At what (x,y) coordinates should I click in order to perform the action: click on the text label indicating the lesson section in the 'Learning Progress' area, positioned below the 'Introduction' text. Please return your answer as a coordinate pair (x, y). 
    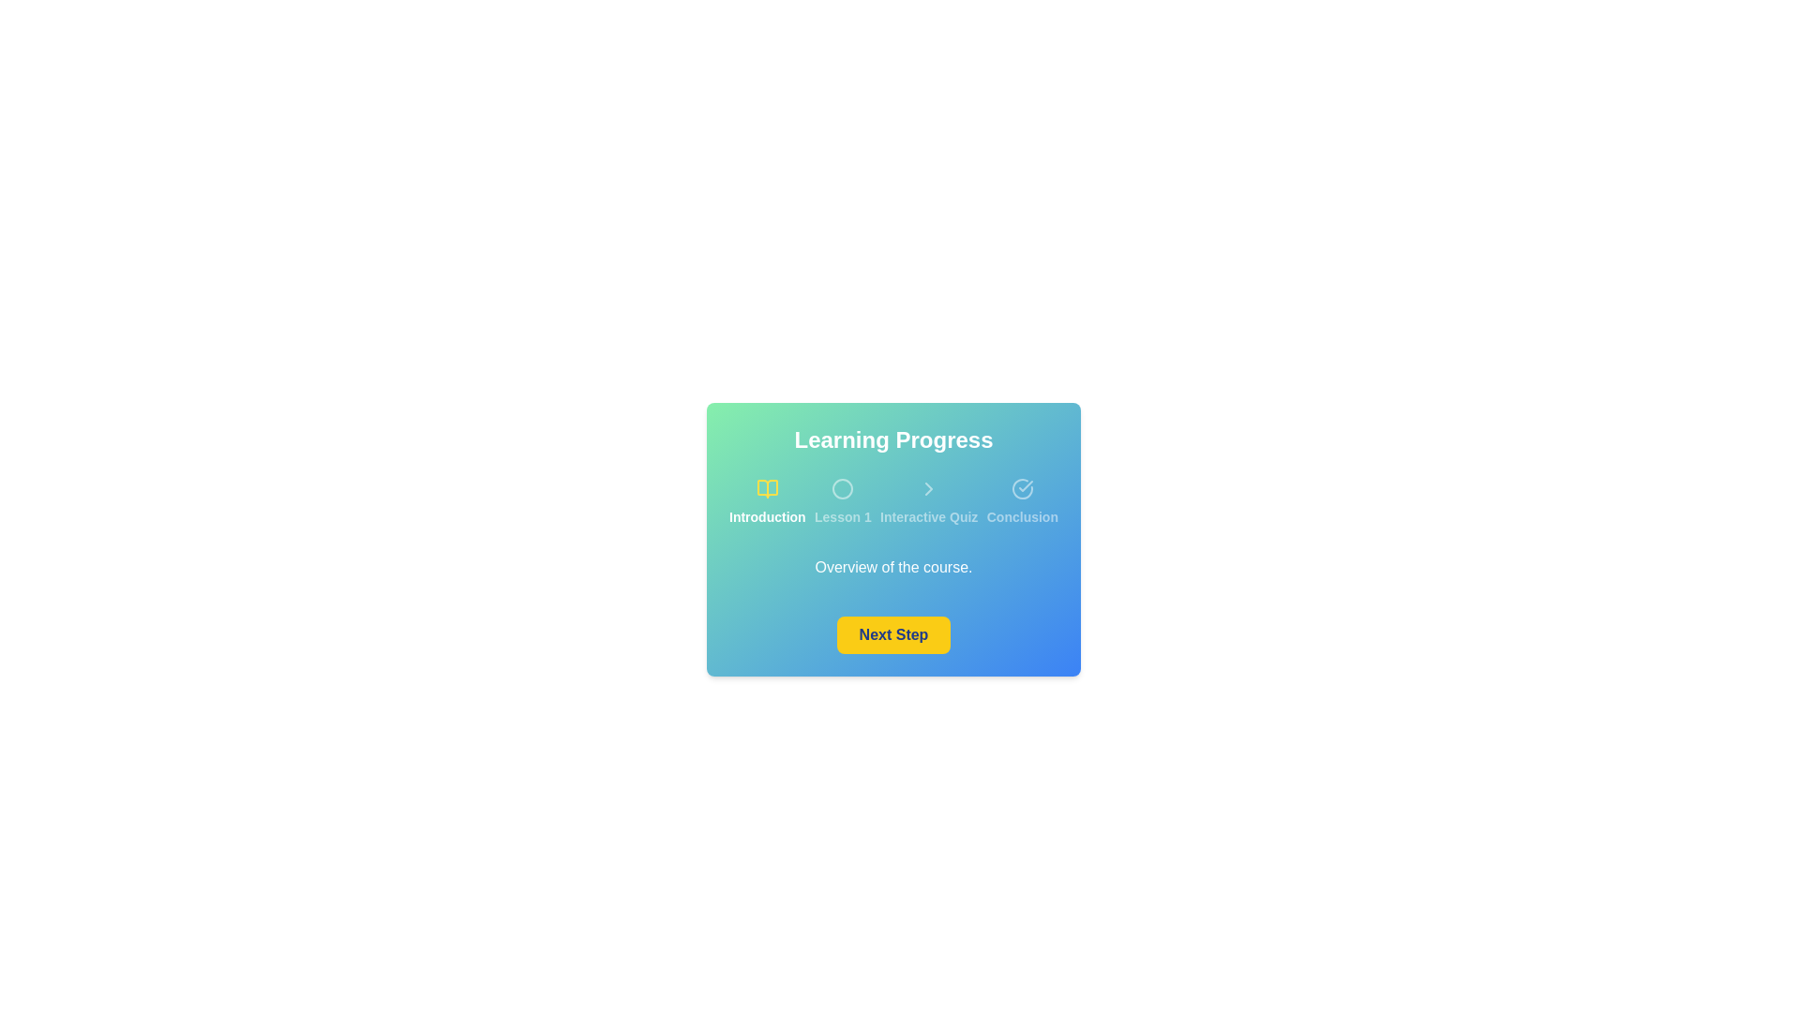
    Looking at the image, I should click on (842, 516).